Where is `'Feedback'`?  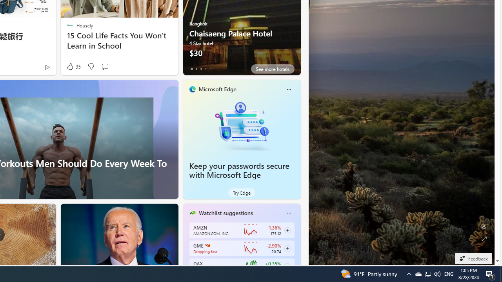
'Feedback' is located at coordinates (473, 258).